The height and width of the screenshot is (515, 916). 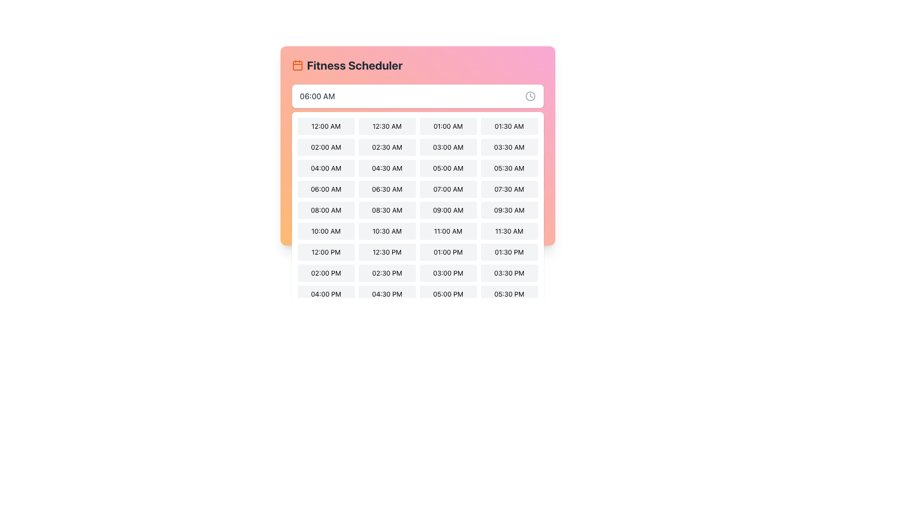 What do you see at coordinates (387, 209) in the screenshot?
I see `the selectable time slot button in the fifth row and second column of the 'Fitness Scheduler' section` at bounding box center [387, 209].